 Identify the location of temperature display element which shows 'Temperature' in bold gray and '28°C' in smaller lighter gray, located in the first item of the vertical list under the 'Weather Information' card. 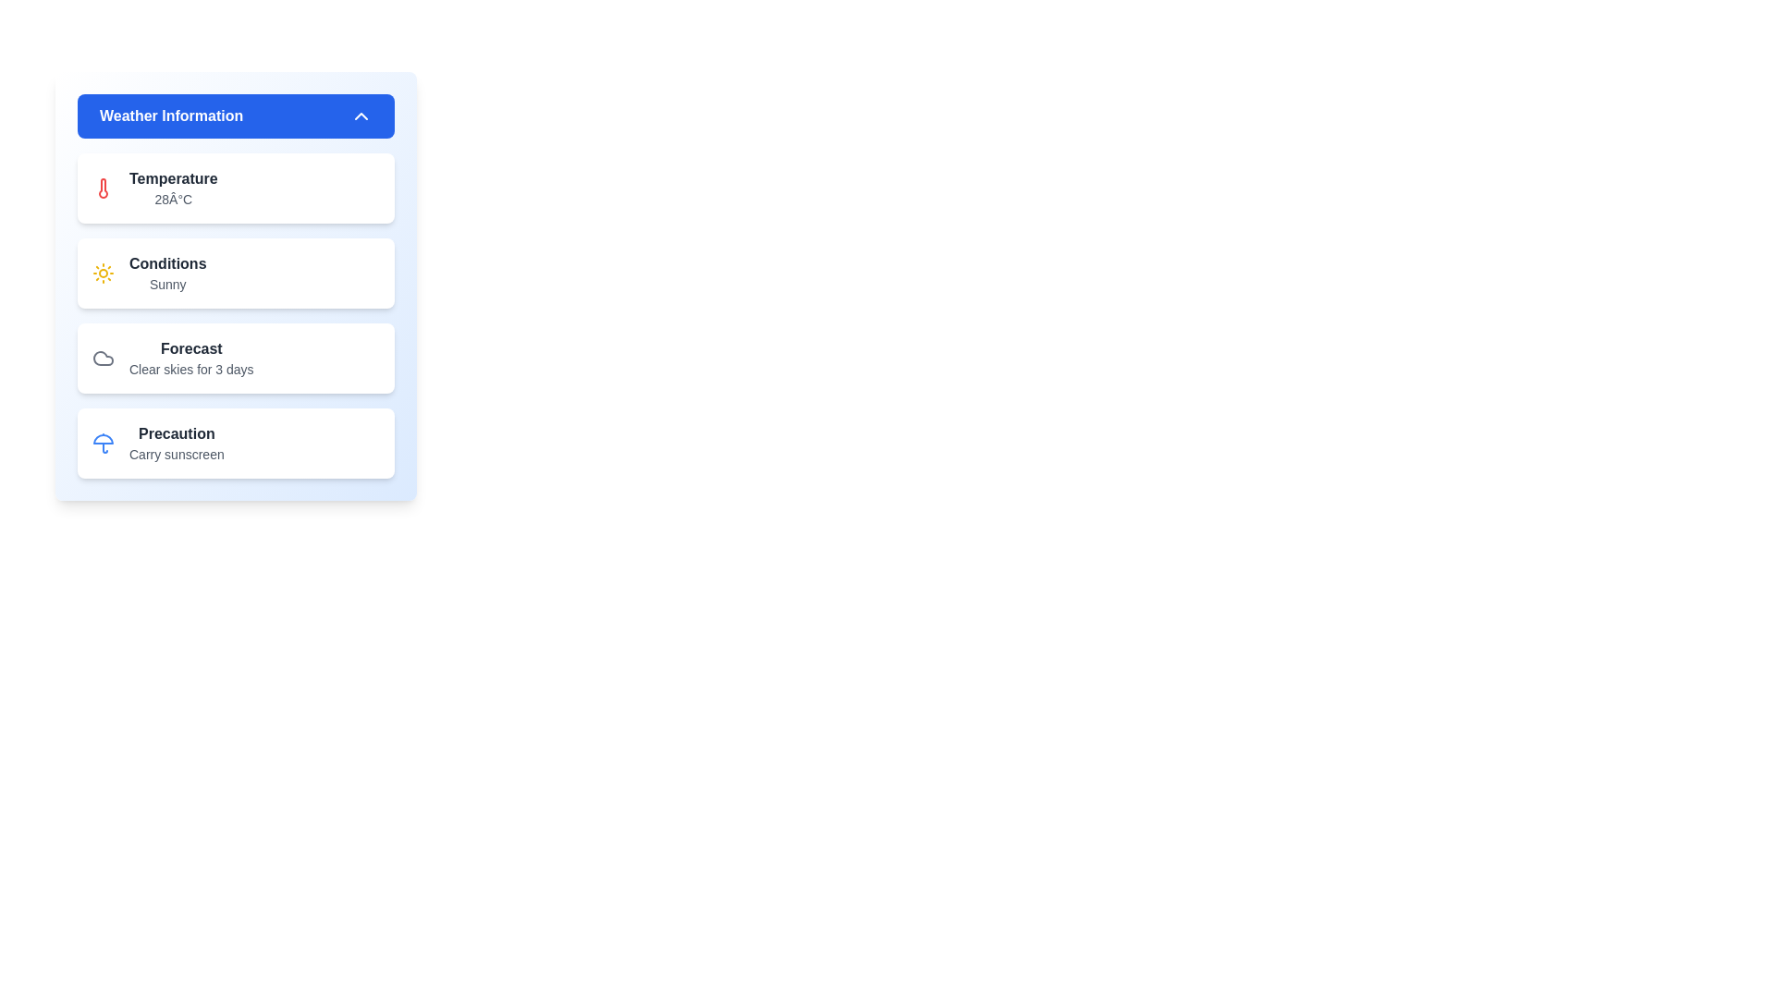
(173, 189).